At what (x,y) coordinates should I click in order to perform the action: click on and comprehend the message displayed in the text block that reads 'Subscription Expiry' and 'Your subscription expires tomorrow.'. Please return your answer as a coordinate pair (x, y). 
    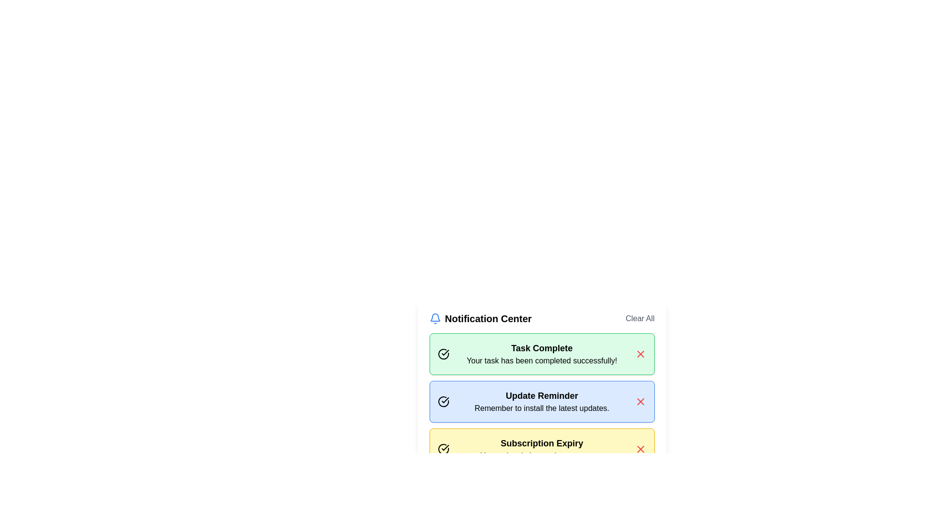
    Looking at the image, I should click on (541, 449).